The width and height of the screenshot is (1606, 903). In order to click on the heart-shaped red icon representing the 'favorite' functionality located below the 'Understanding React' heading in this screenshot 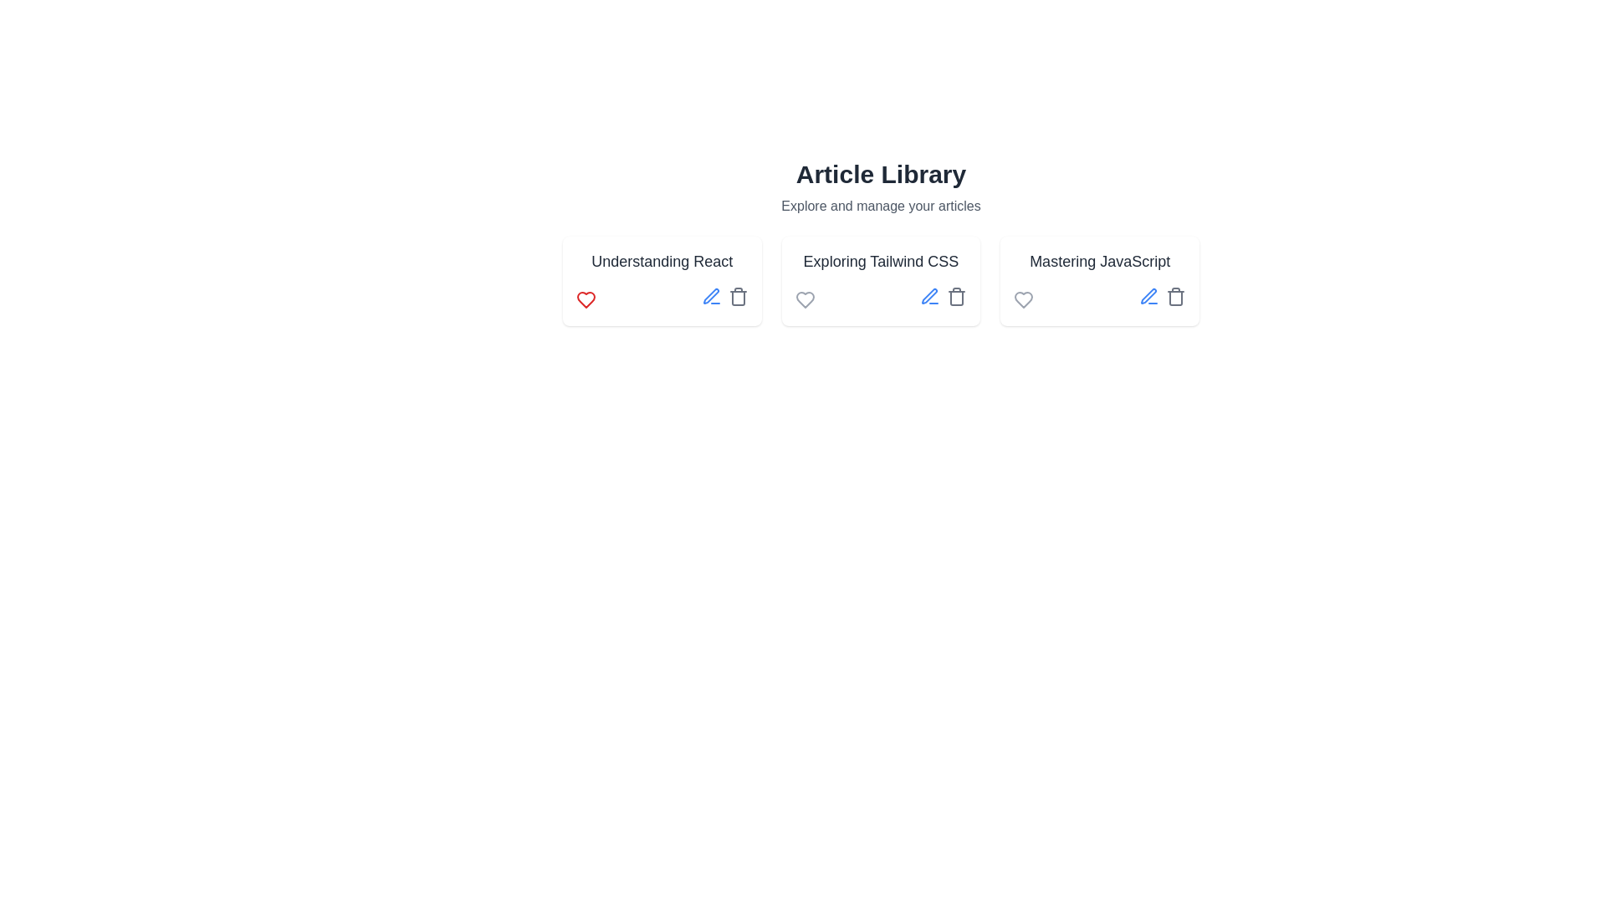, I will do `click(586, 298)`.